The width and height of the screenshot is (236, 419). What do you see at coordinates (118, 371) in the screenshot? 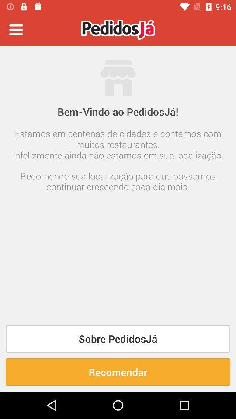
I see `the recomendar` at bounding box center [118, 371].